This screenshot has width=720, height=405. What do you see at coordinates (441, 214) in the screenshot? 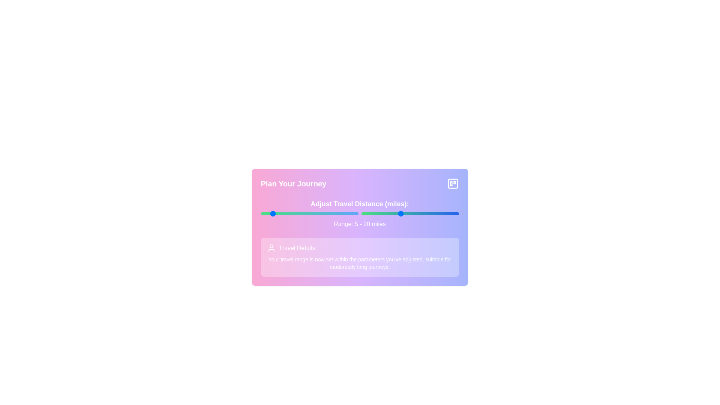
I see `the travel distance` at bounding box center [441, 214].